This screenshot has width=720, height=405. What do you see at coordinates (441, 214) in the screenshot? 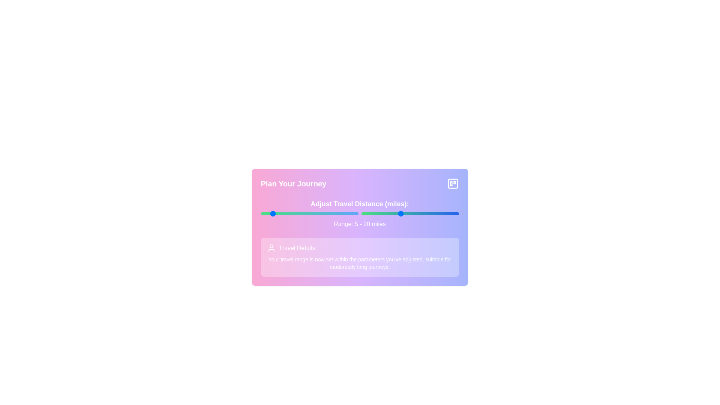
I see `the travel distance` at bounding box center [441, 214].